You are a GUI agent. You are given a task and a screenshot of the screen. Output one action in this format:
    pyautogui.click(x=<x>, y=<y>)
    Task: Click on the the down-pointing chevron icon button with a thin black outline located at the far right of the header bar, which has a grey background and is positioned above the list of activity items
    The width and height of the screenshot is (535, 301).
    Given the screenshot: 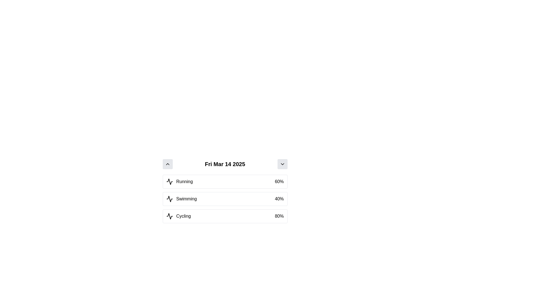 What is the action you would take?
    pyautogui.click(x=282, y=164)
    